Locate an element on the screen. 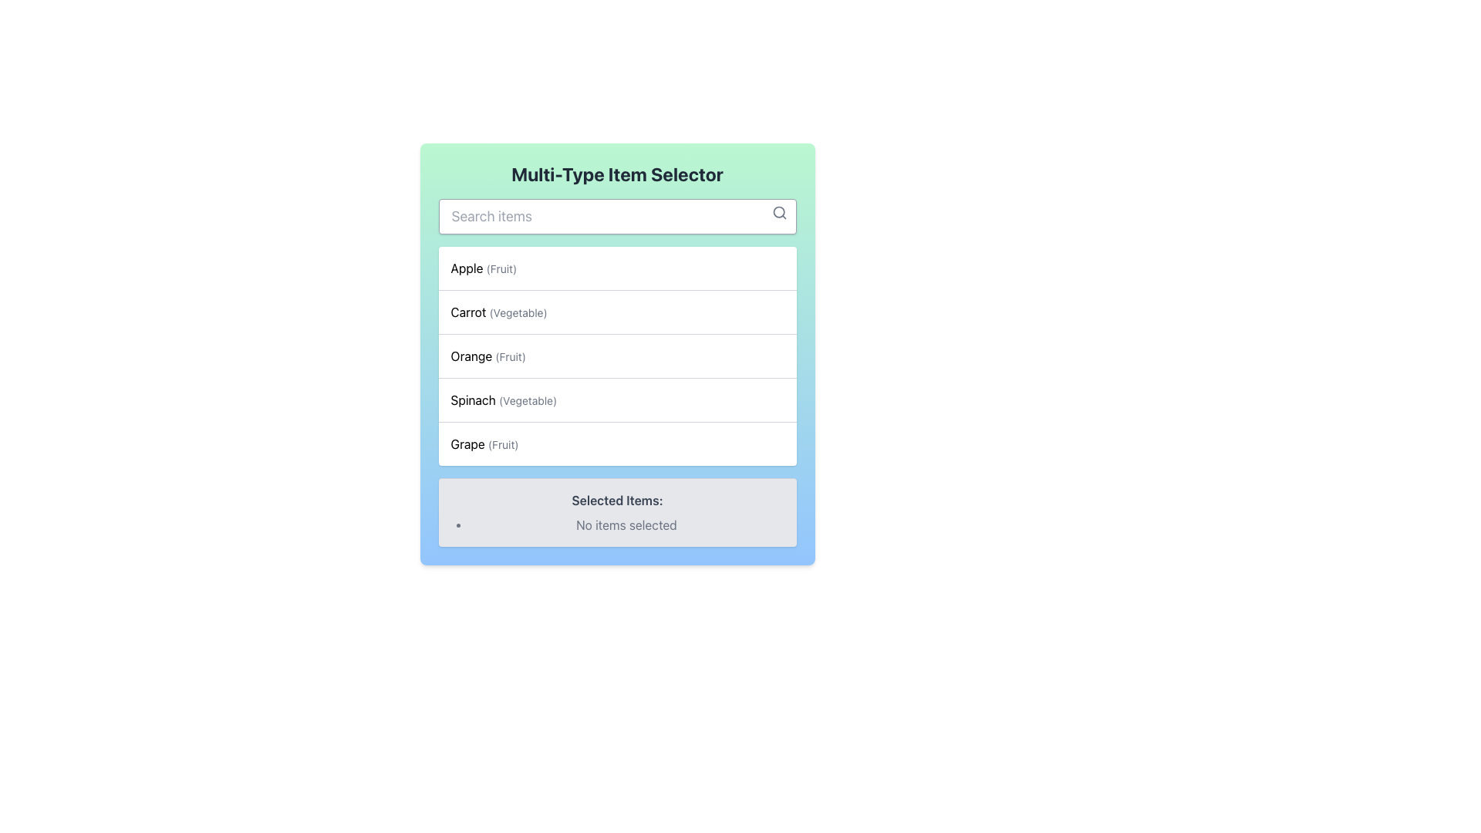 This screenshot has height=833, width=1481. the second list item in the 'Multi-Type Item Selector' that represents an informational entry between 'Apple (Fruit)' and 'Orange (Fruit)' is located at coordinates (499, 312).